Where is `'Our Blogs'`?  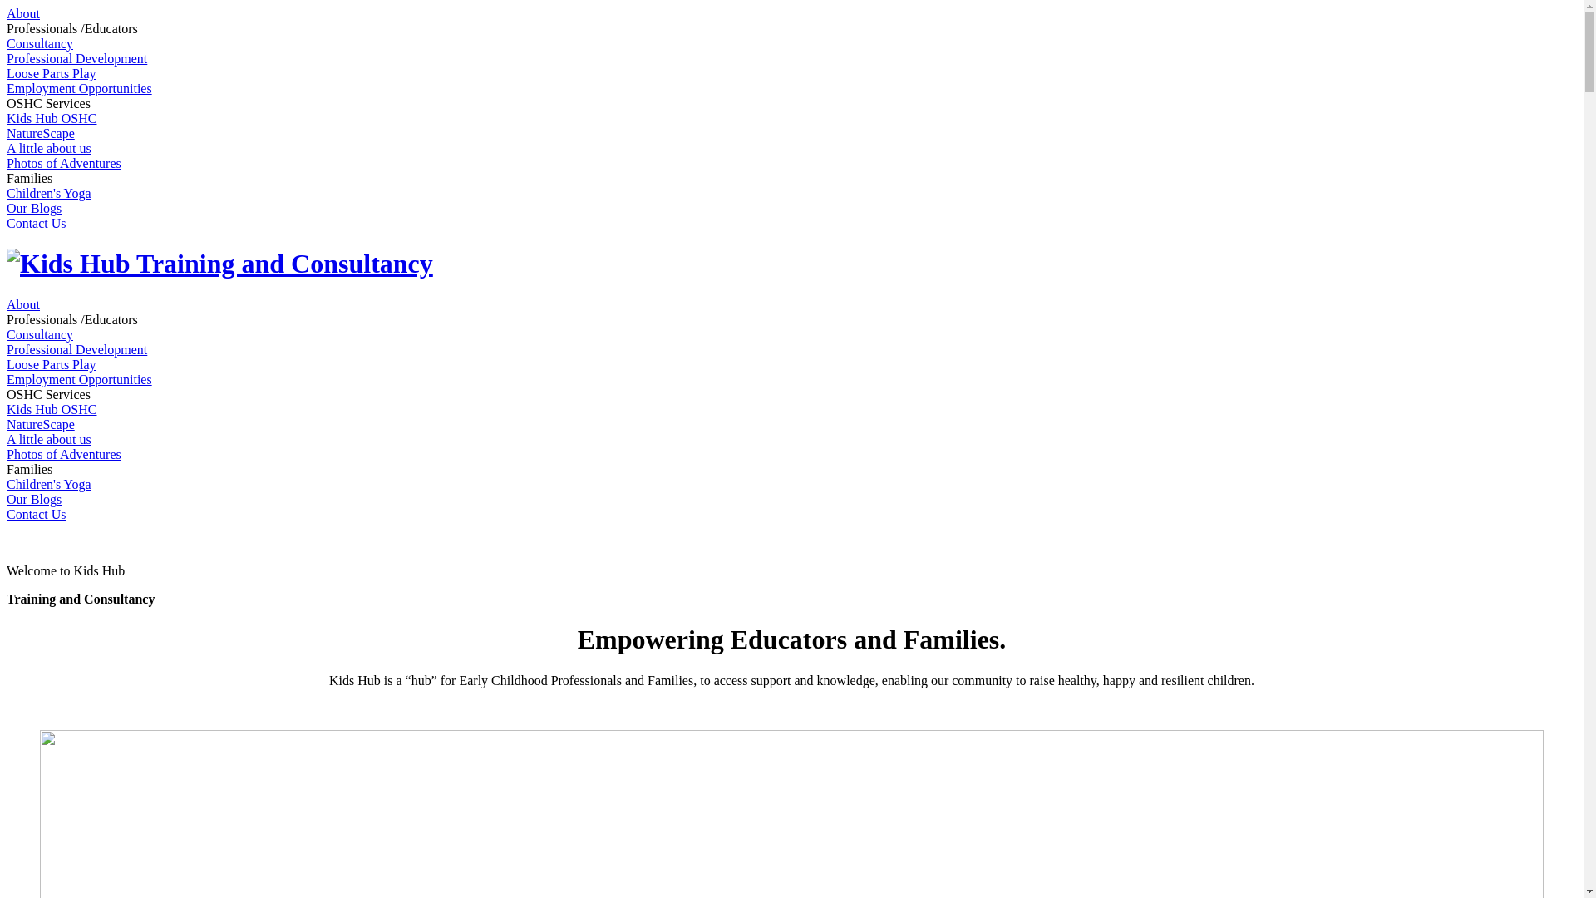
'Our Blogs' is located at coordinates (34, 498).